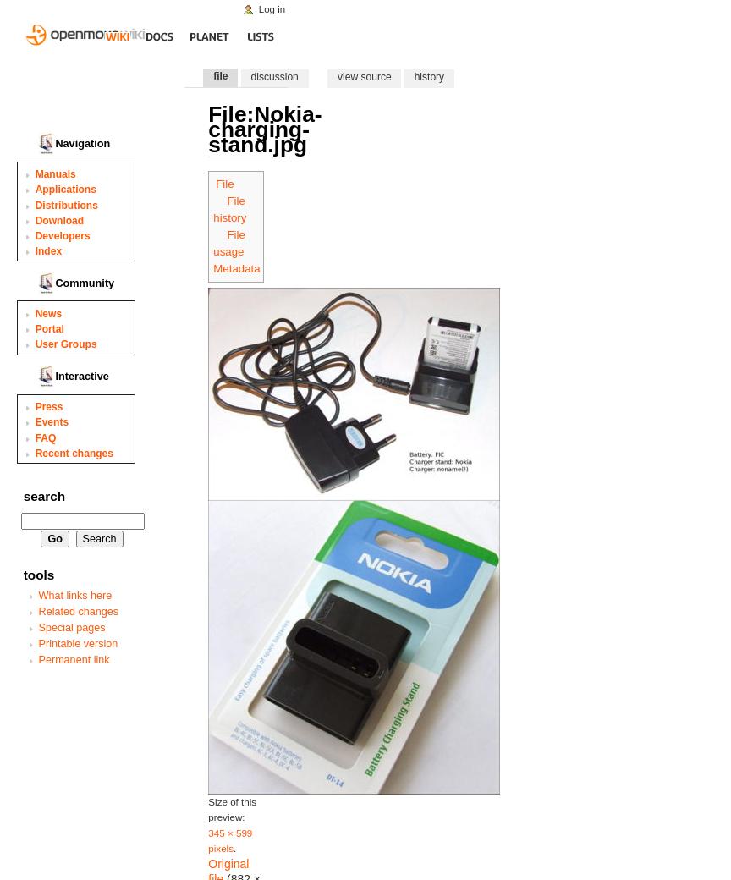 This screenshot has height=880, width=731. I want to click on 'Recent changes', so click(74, 451).